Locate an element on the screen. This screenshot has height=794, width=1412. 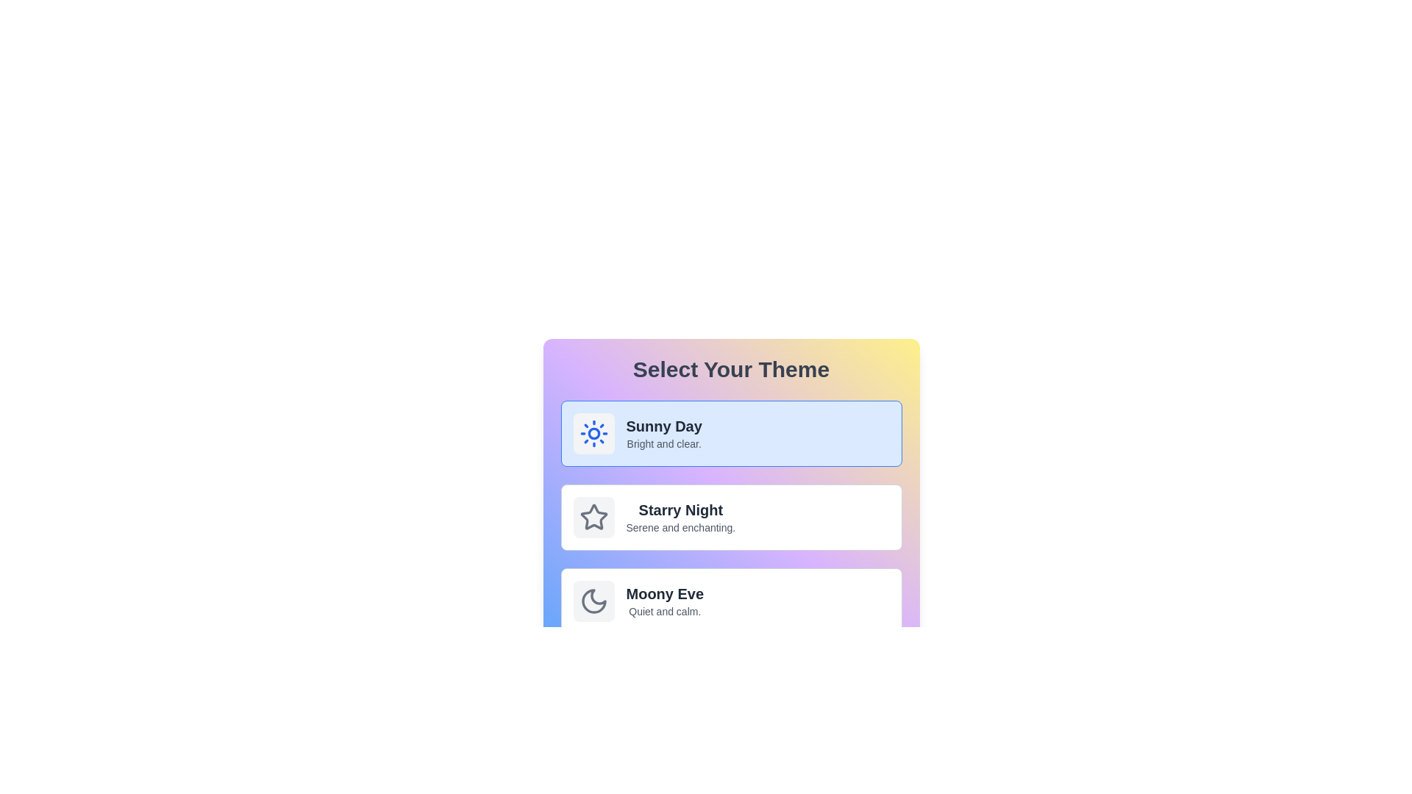
text label that displays 'Quiet and calm.' positioned below the title 'Moony Eve' is located at coordinates (664, 612).